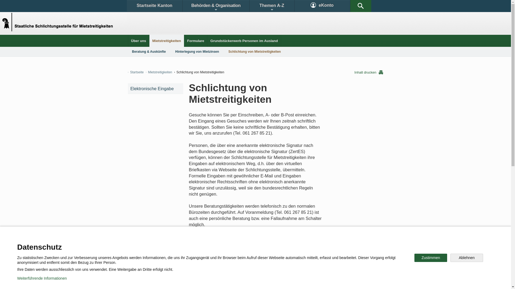 The image size is (515, 289). Describe the element at coordinates (322, 6) in the screenshot. I see `'eKonto'` at that location.